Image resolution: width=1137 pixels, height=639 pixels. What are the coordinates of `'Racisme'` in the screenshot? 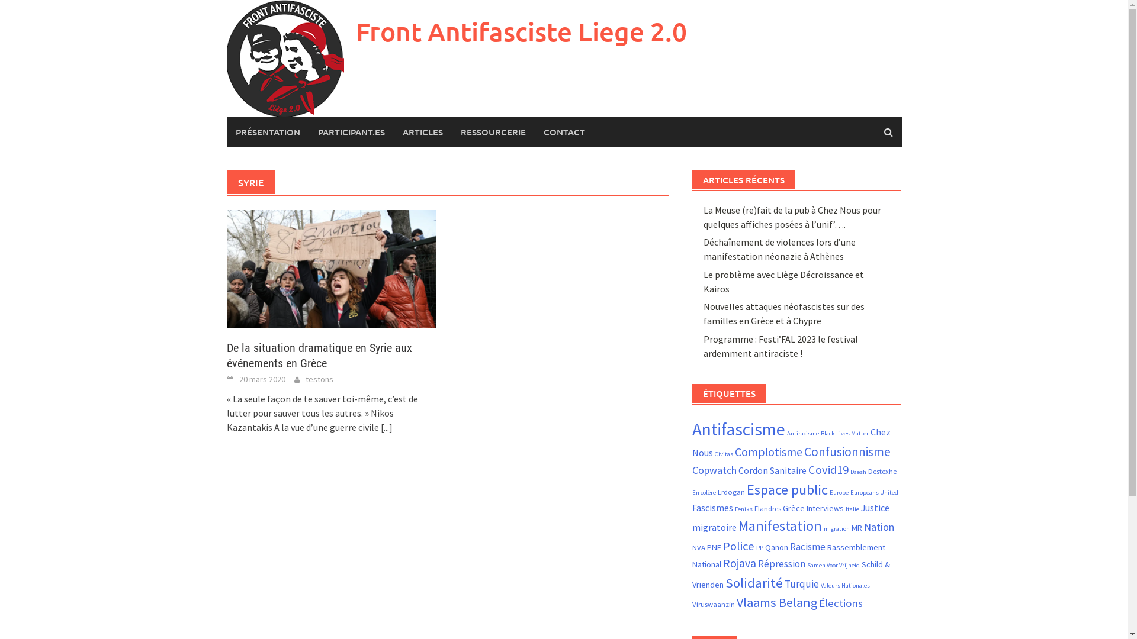 It's located at (807, 547).